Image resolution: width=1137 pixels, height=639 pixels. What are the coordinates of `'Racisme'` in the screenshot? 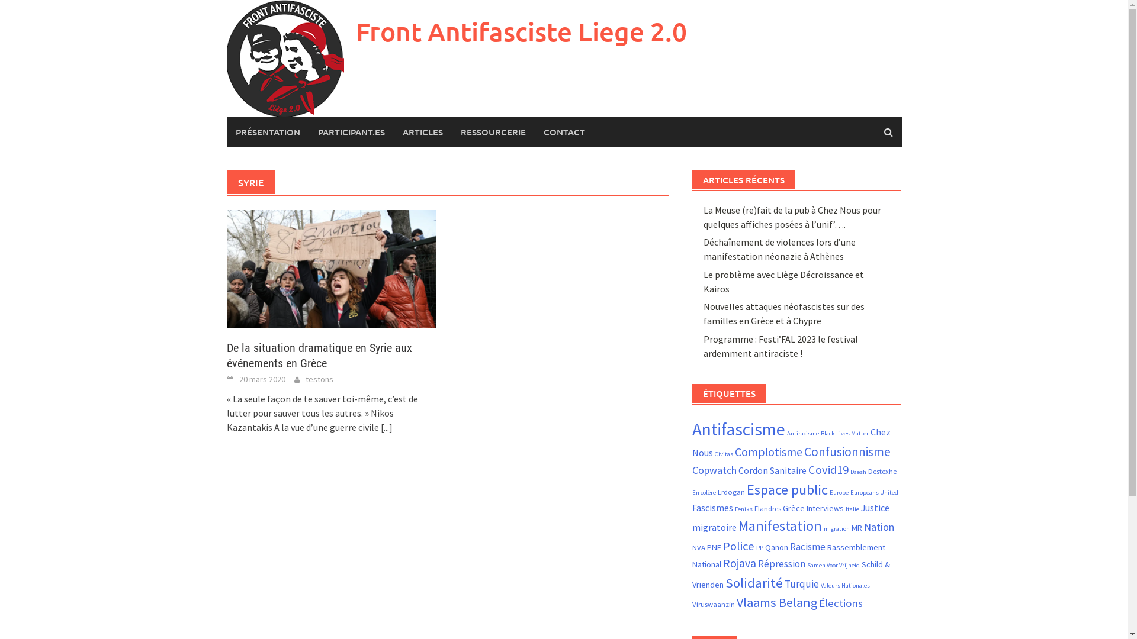 It's located at (807, 547).